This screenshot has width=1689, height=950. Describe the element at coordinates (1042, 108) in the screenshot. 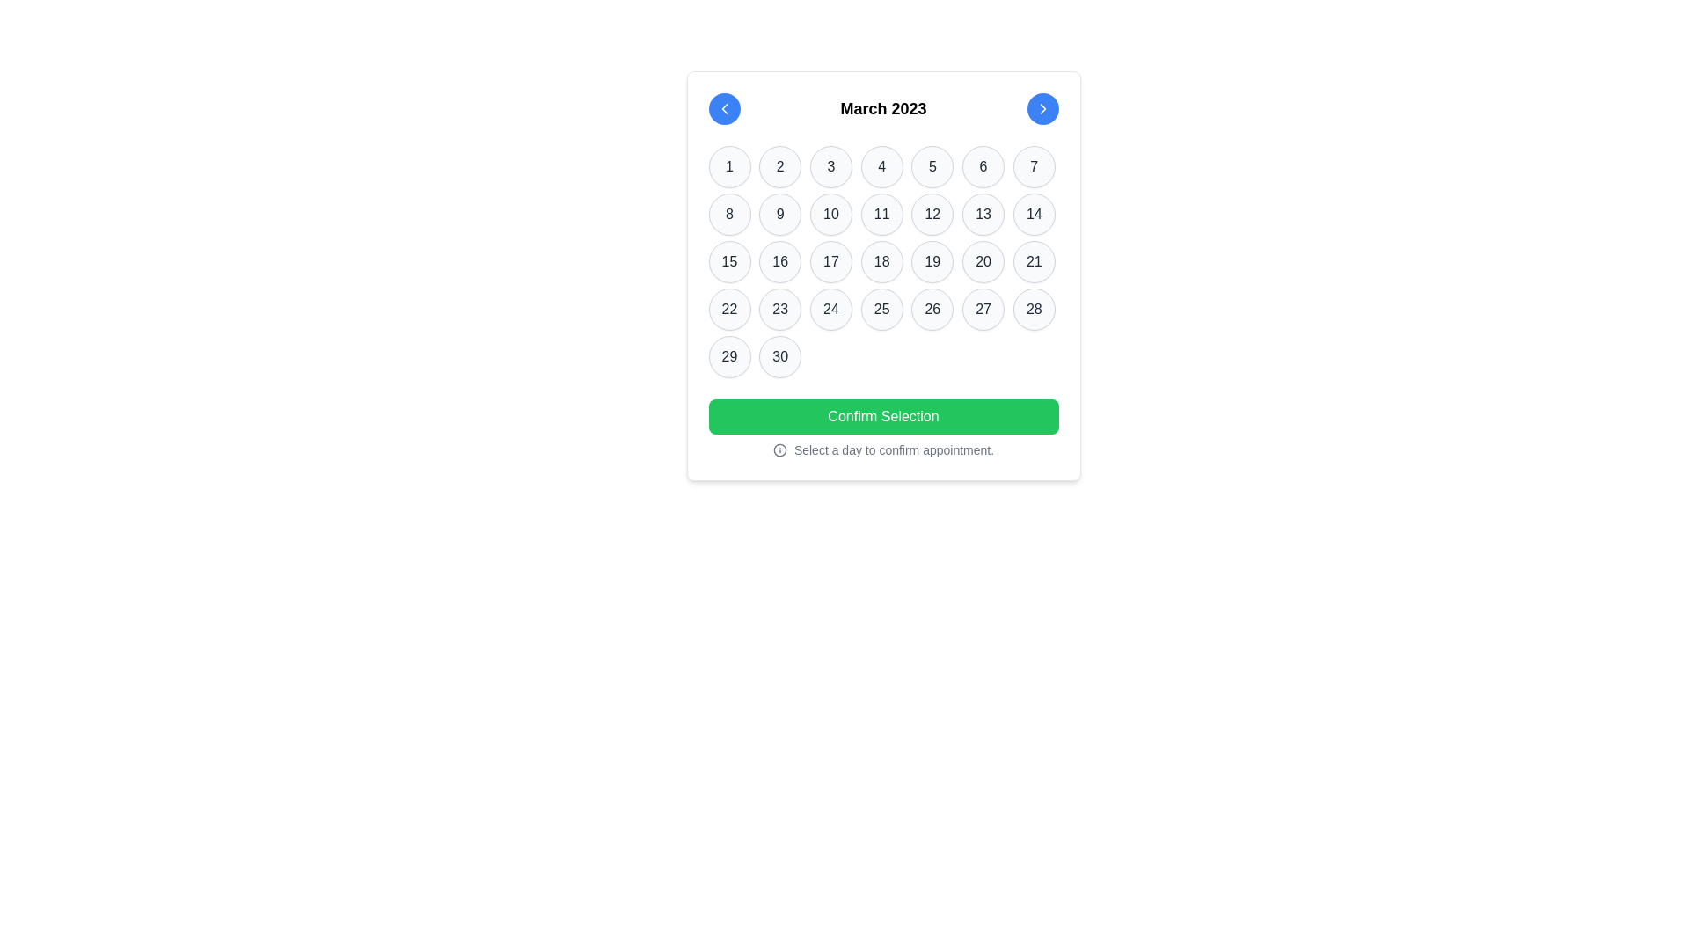

I see `the button with a rounded blue background and a white right-pointing chevron icon located in the top-right corner of the calendar navigation header adjacent to 'March 2023'` at that location.